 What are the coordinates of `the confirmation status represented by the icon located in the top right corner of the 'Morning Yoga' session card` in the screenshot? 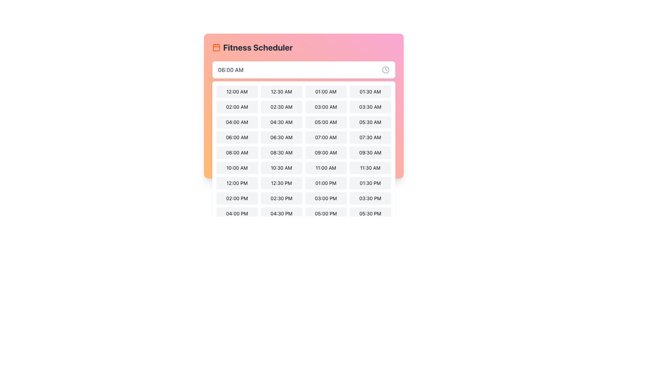 It's located at (386, 122).